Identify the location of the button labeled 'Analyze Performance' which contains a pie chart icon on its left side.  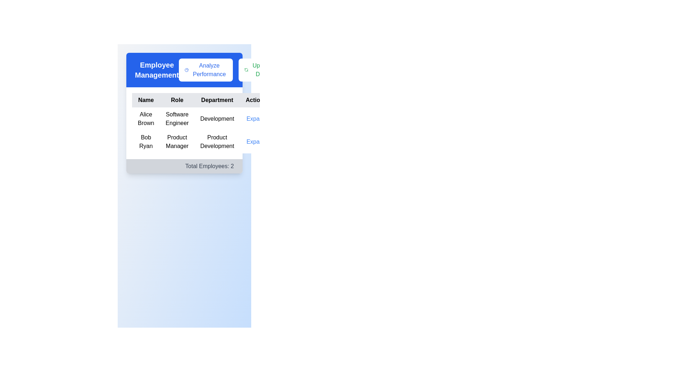
(186, 70).